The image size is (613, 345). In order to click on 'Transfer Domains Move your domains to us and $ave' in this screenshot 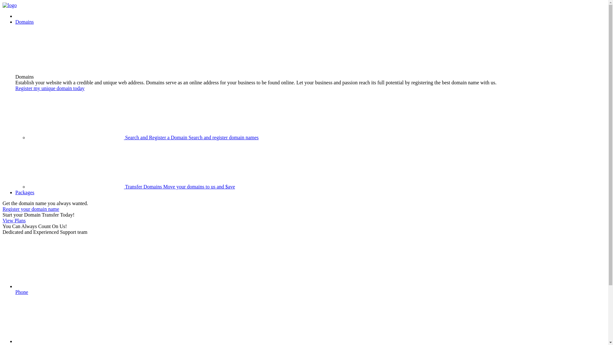, I will do `click(27, 187)`.